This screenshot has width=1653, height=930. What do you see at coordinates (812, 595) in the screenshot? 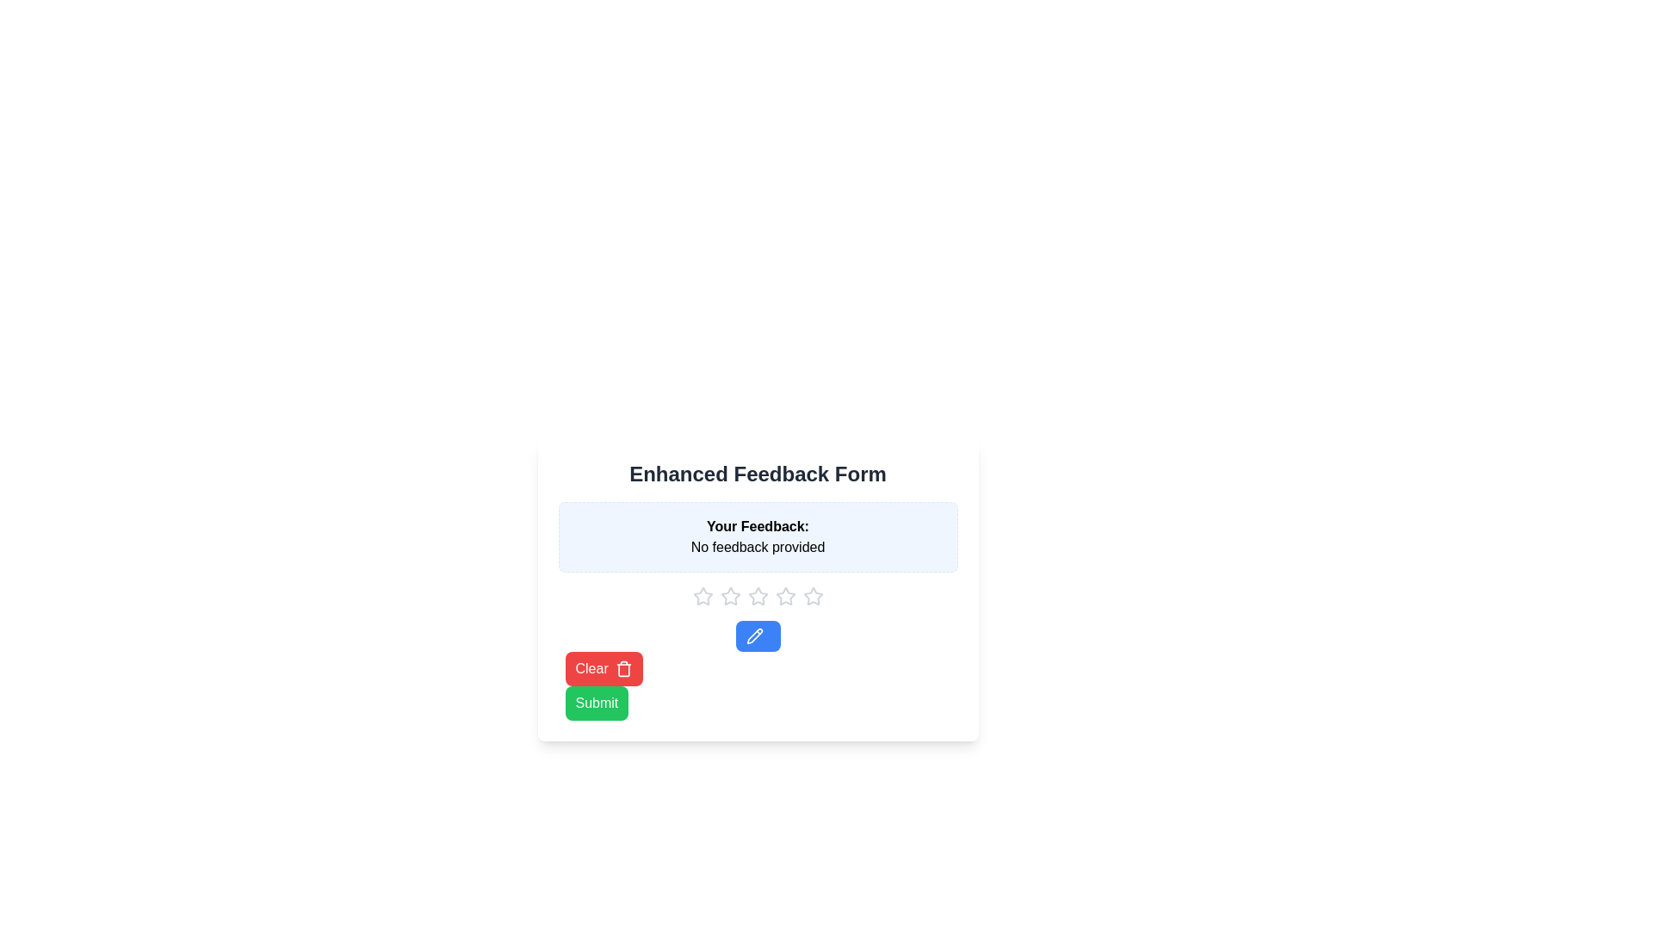
I see `the fifth star icon in the rating system to rate it` at bounding box center [812, 595].